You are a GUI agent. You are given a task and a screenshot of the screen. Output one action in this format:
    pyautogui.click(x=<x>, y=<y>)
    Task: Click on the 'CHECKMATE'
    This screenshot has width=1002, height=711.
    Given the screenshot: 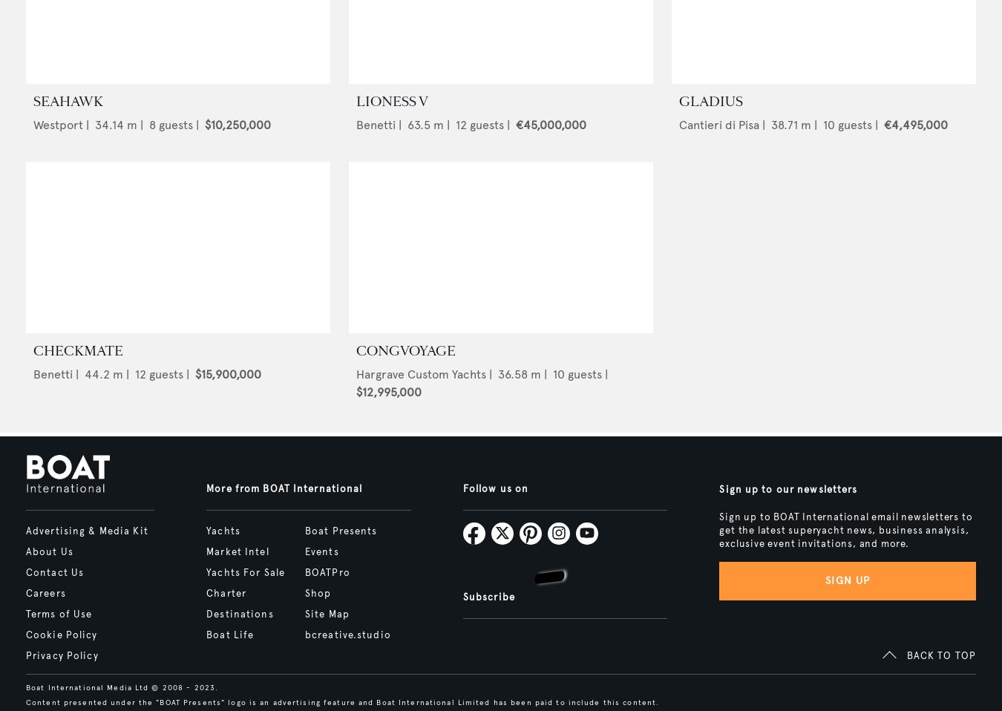 What is the action you would take?
    pyautogui.click(x=32, y=350)
    